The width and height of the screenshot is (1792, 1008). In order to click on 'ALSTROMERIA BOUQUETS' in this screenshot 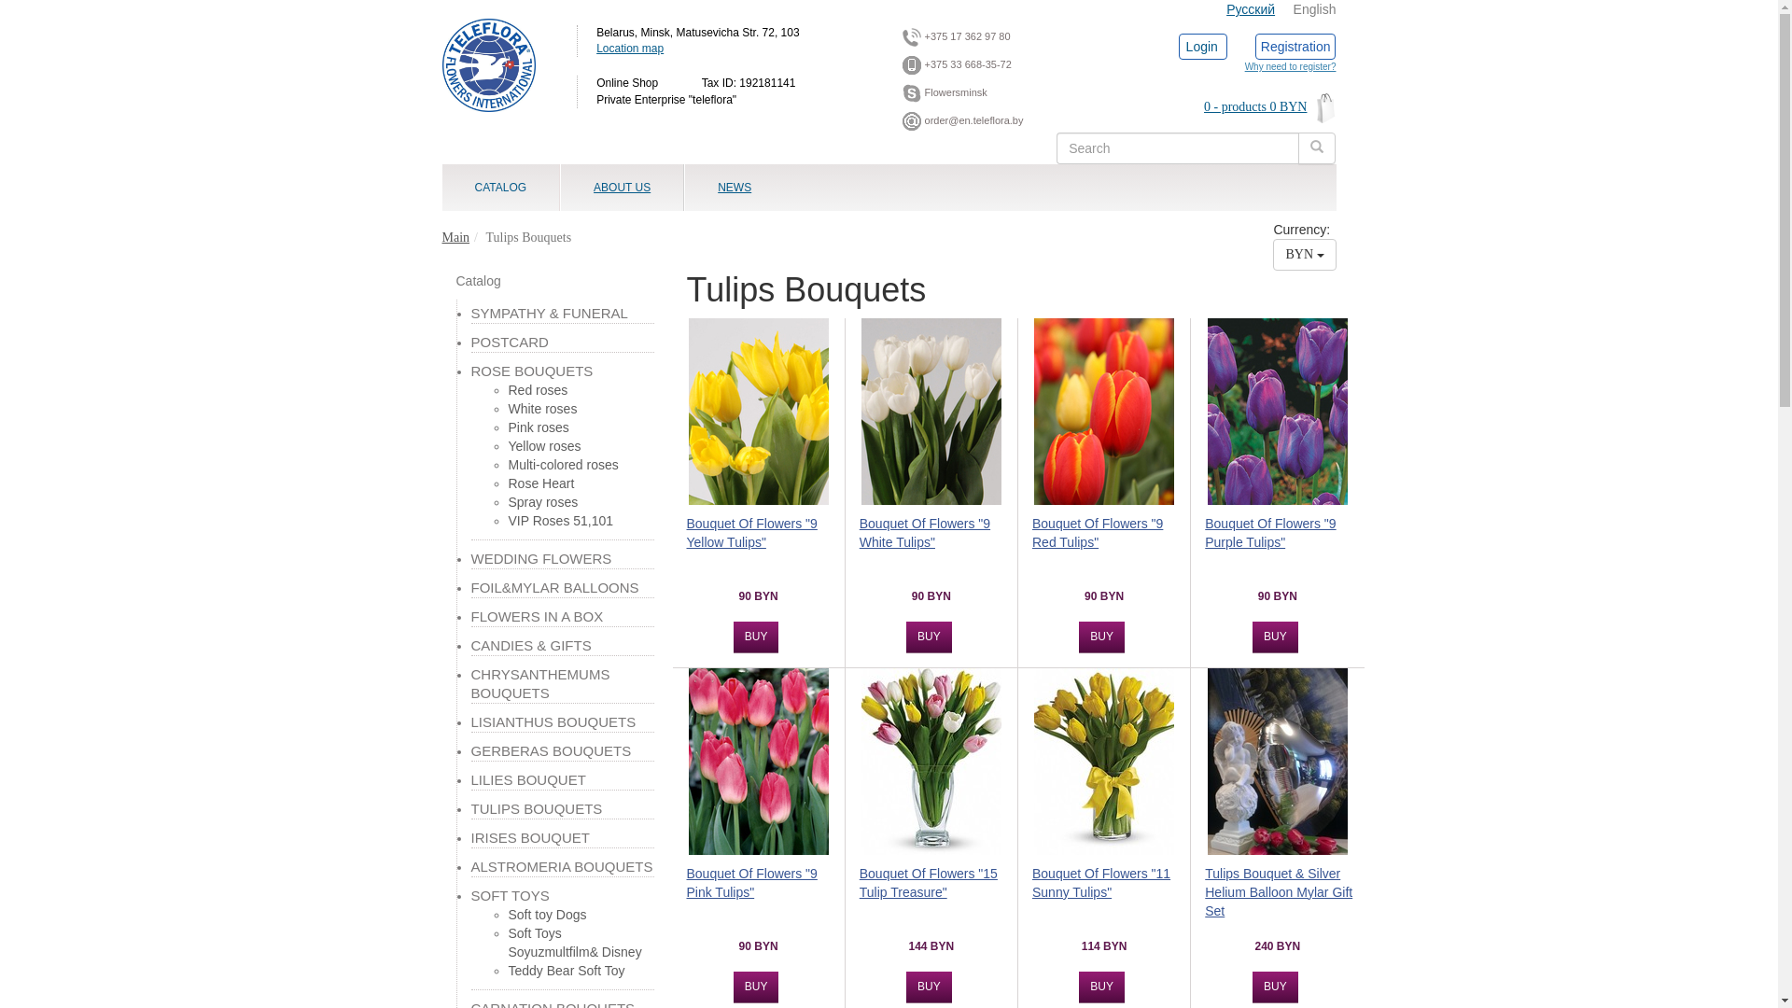, I will do `click(560, 866)`.